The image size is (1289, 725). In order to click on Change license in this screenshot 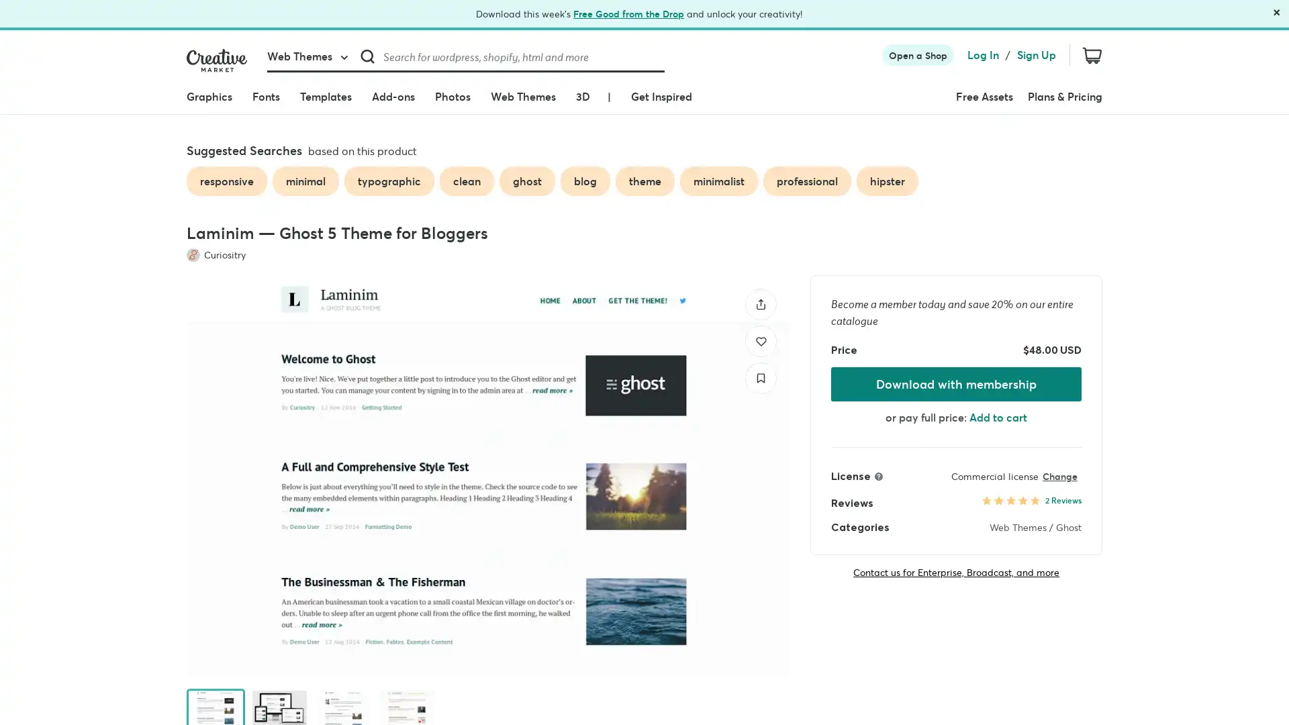, I will do `click(1059, 475)`.